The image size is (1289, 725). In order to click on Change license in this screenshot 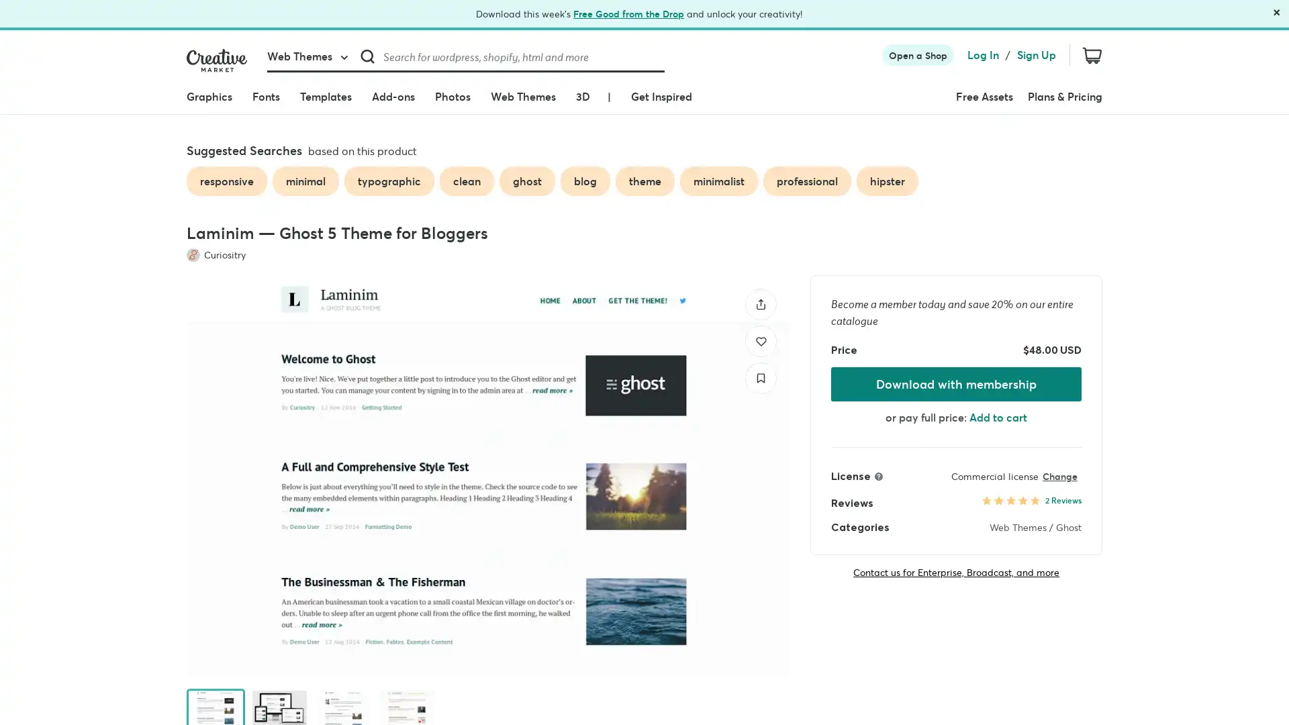, I will do `click(1059, 475)`.